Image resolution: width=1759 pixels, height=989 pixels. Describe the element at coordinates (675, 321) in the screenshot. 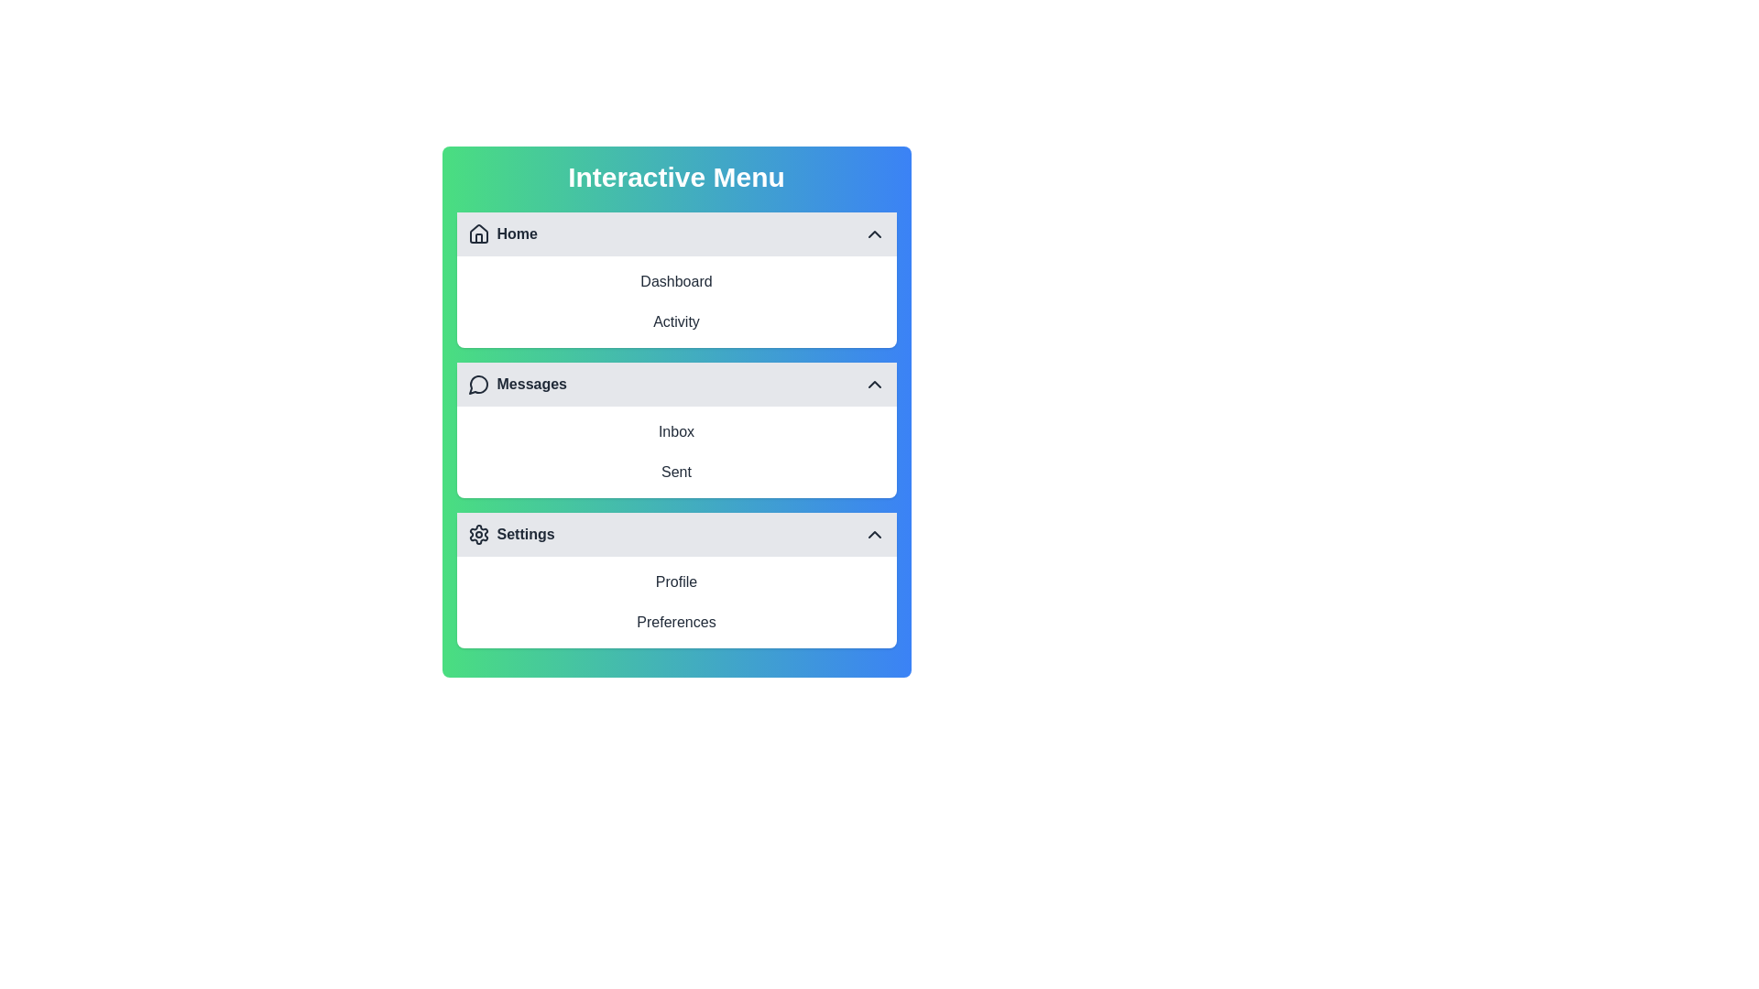

I see `the menu item corresponding to Activity to select it` at that location.